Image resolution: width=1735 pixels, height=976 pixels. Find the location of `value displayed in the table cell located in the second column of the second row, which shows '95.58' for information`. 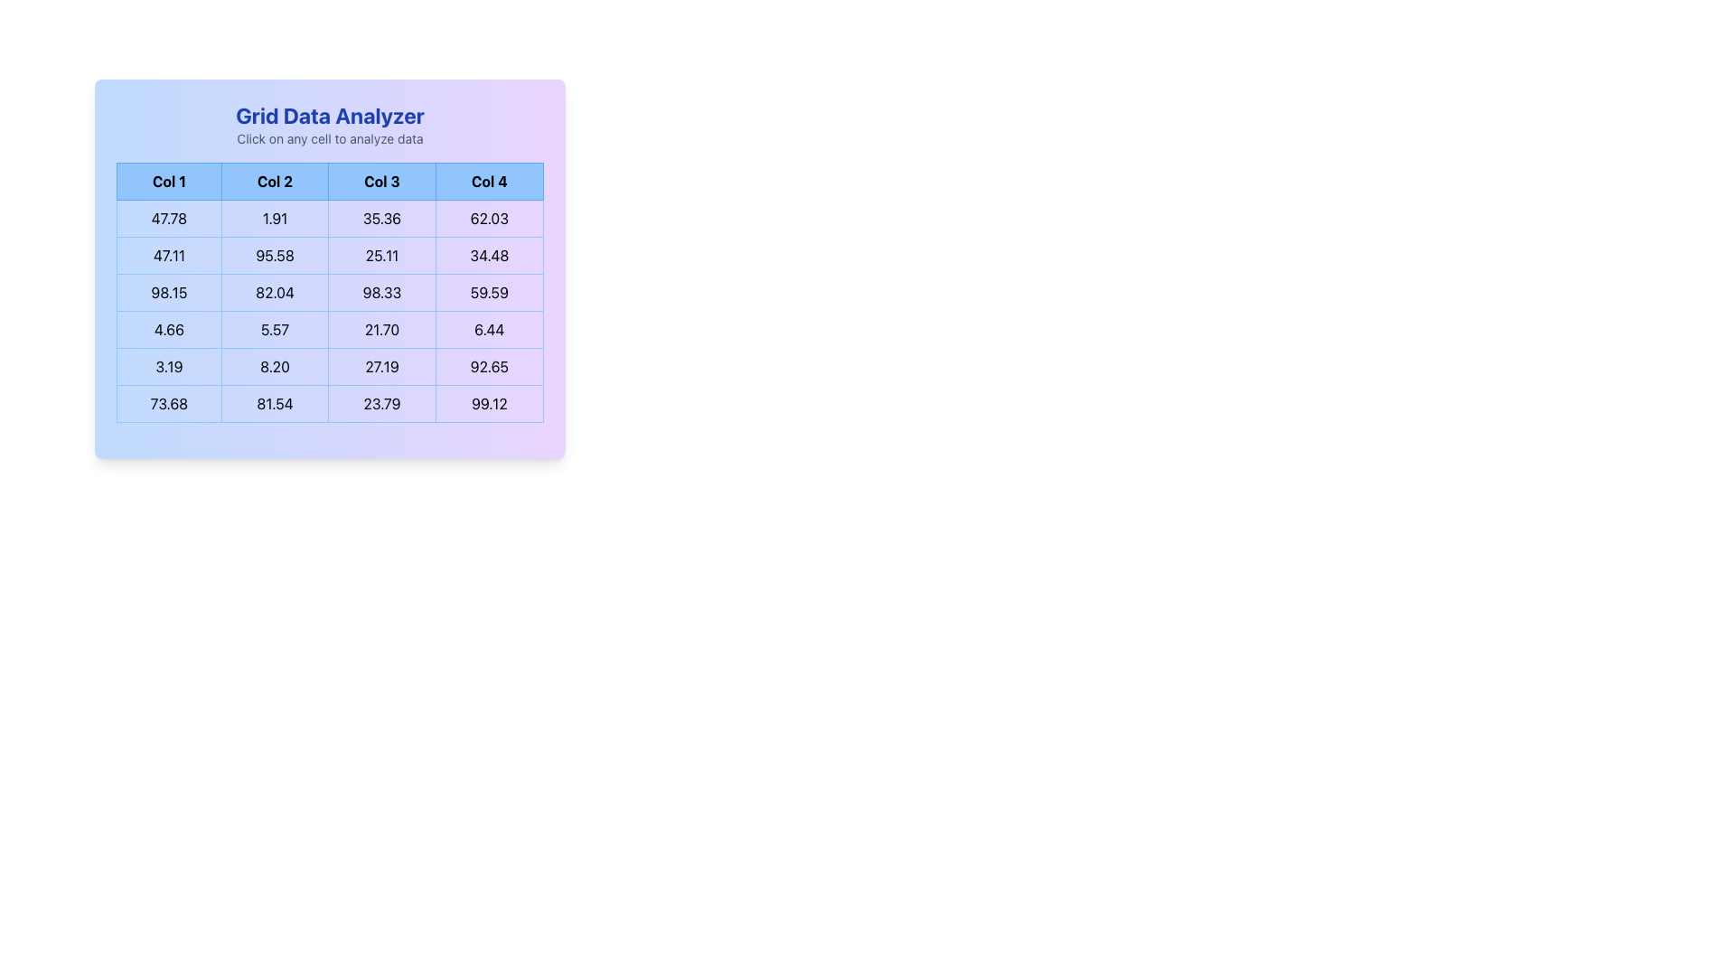

value displayed in the table cell located in the second column of the second row, which shows '95.58' for information is located at coordinates (274, 255).